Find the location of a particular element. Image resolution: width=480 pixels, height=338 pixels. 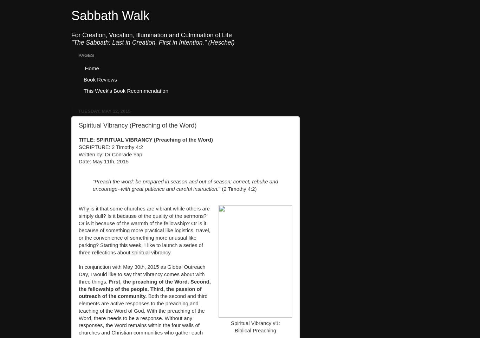

'" (2 Timothy 4:2)' is located at coordinates (237, 188).